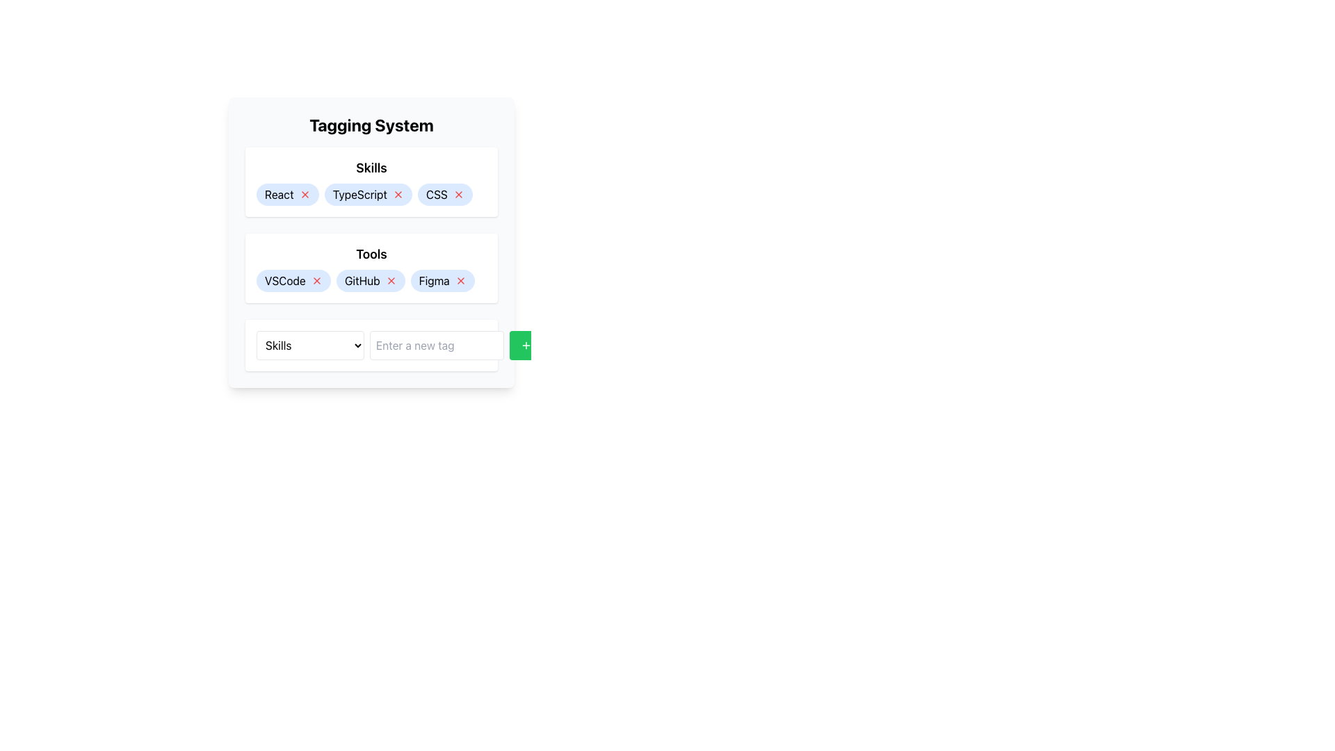  Describe the element at coordinates (371, 195) in the screenshot. I see `the Tag List representing selectable skills, located under the 'Skills' section` at that location.